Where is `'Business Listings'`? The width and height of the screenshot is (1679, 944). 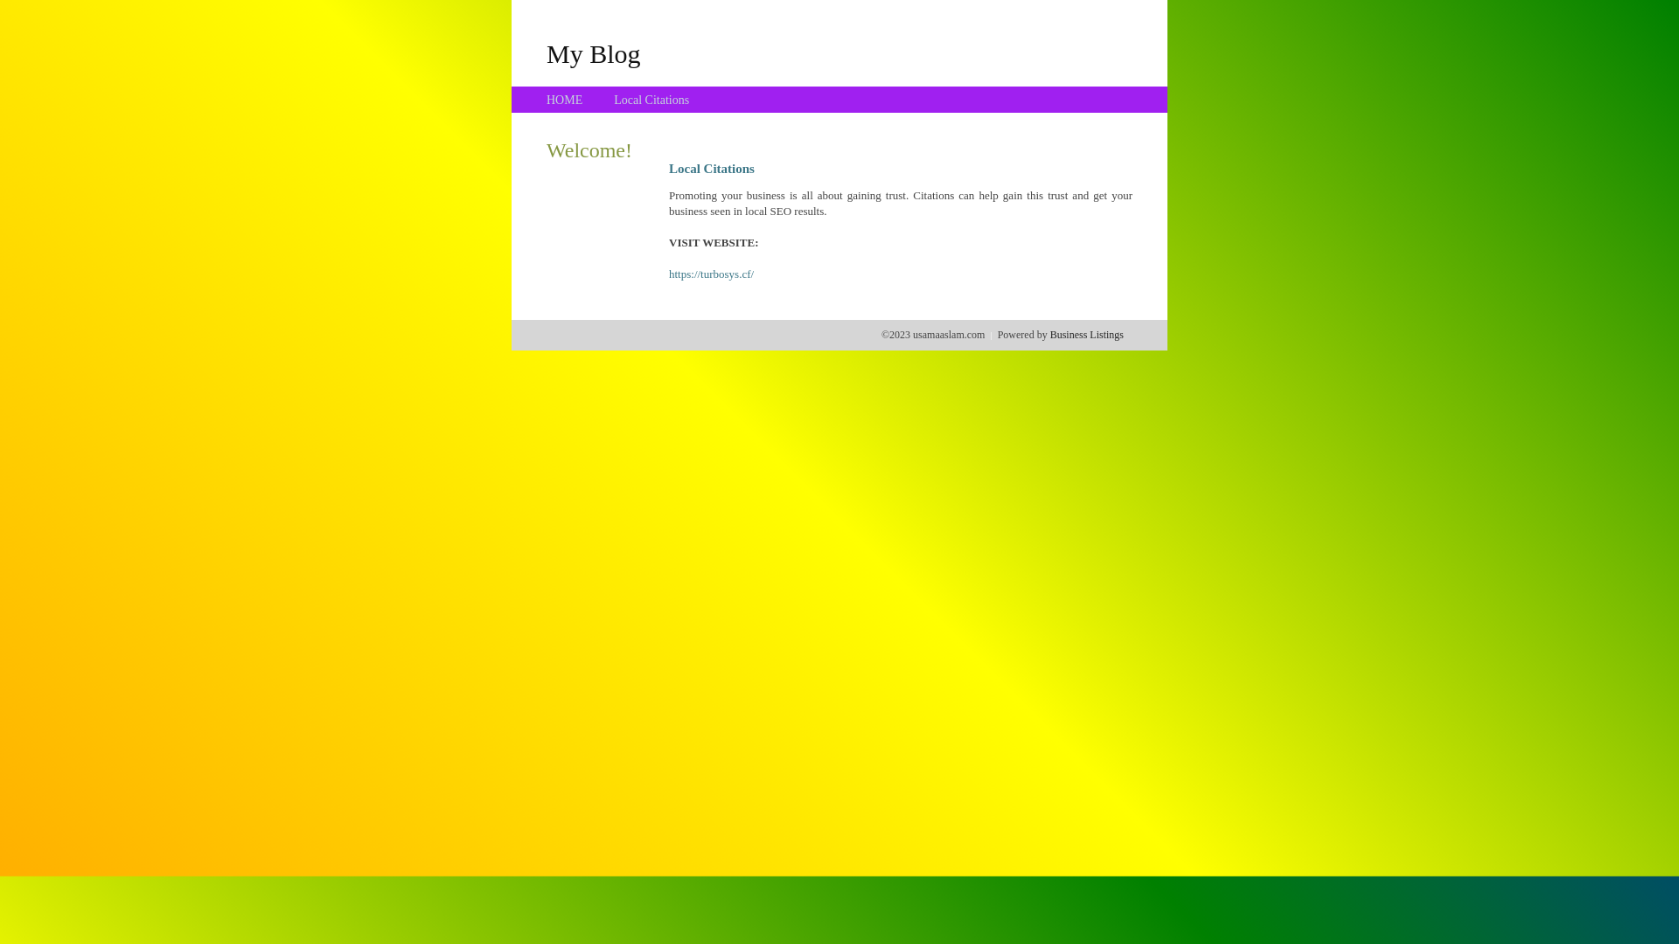
'Business Listings' is located at coordinates (1049, 334).